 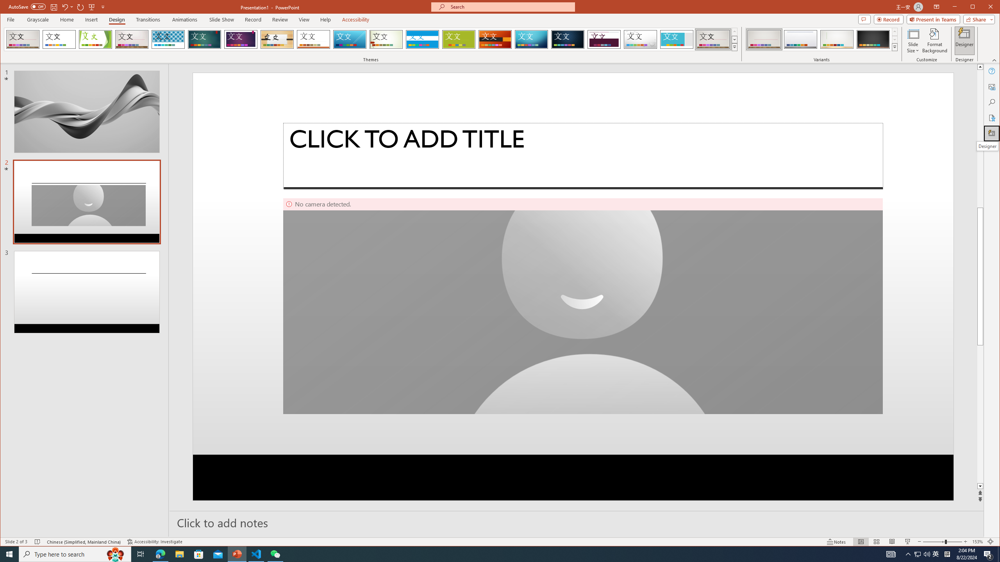 I want to click on 'Slice', so click(x=350, y=39).